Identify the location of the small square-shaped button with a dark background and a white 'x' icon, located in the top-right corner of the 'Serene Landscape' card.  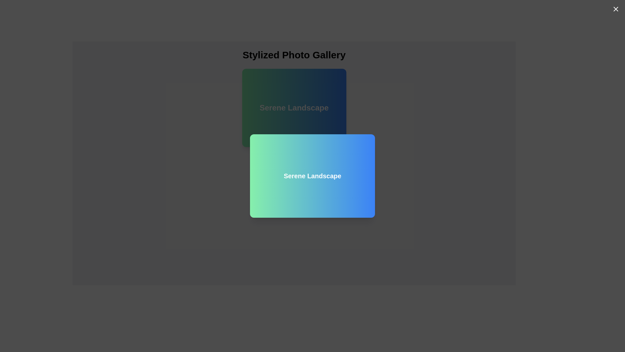
(615, 9).